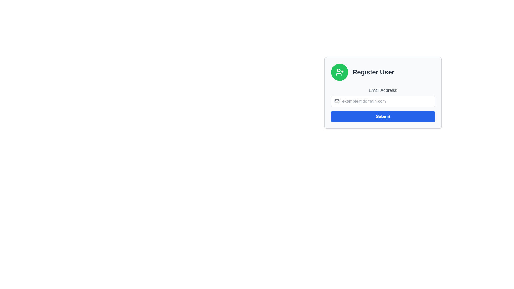  Describe the element at coordinates (383, 90) in the screenshot. I see `the label displaying 'Email Address:' which is styled in gray and positioned above the email input field` at that location.